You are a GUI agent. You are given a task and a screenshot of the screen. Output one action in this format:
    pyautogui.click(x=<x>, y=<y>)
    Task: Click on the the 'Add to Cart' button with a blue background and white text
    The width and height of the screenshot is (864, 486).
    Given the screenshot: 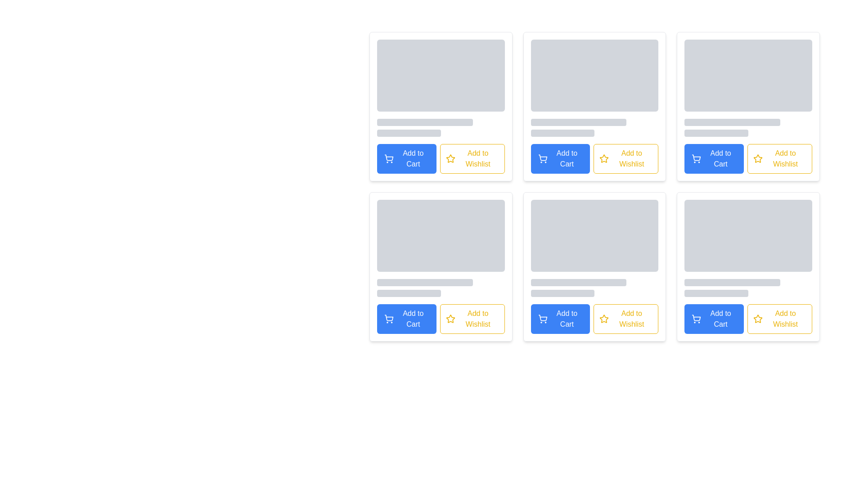 What is the action you would take?
    pyautogui.click(x=560, y=319)
    